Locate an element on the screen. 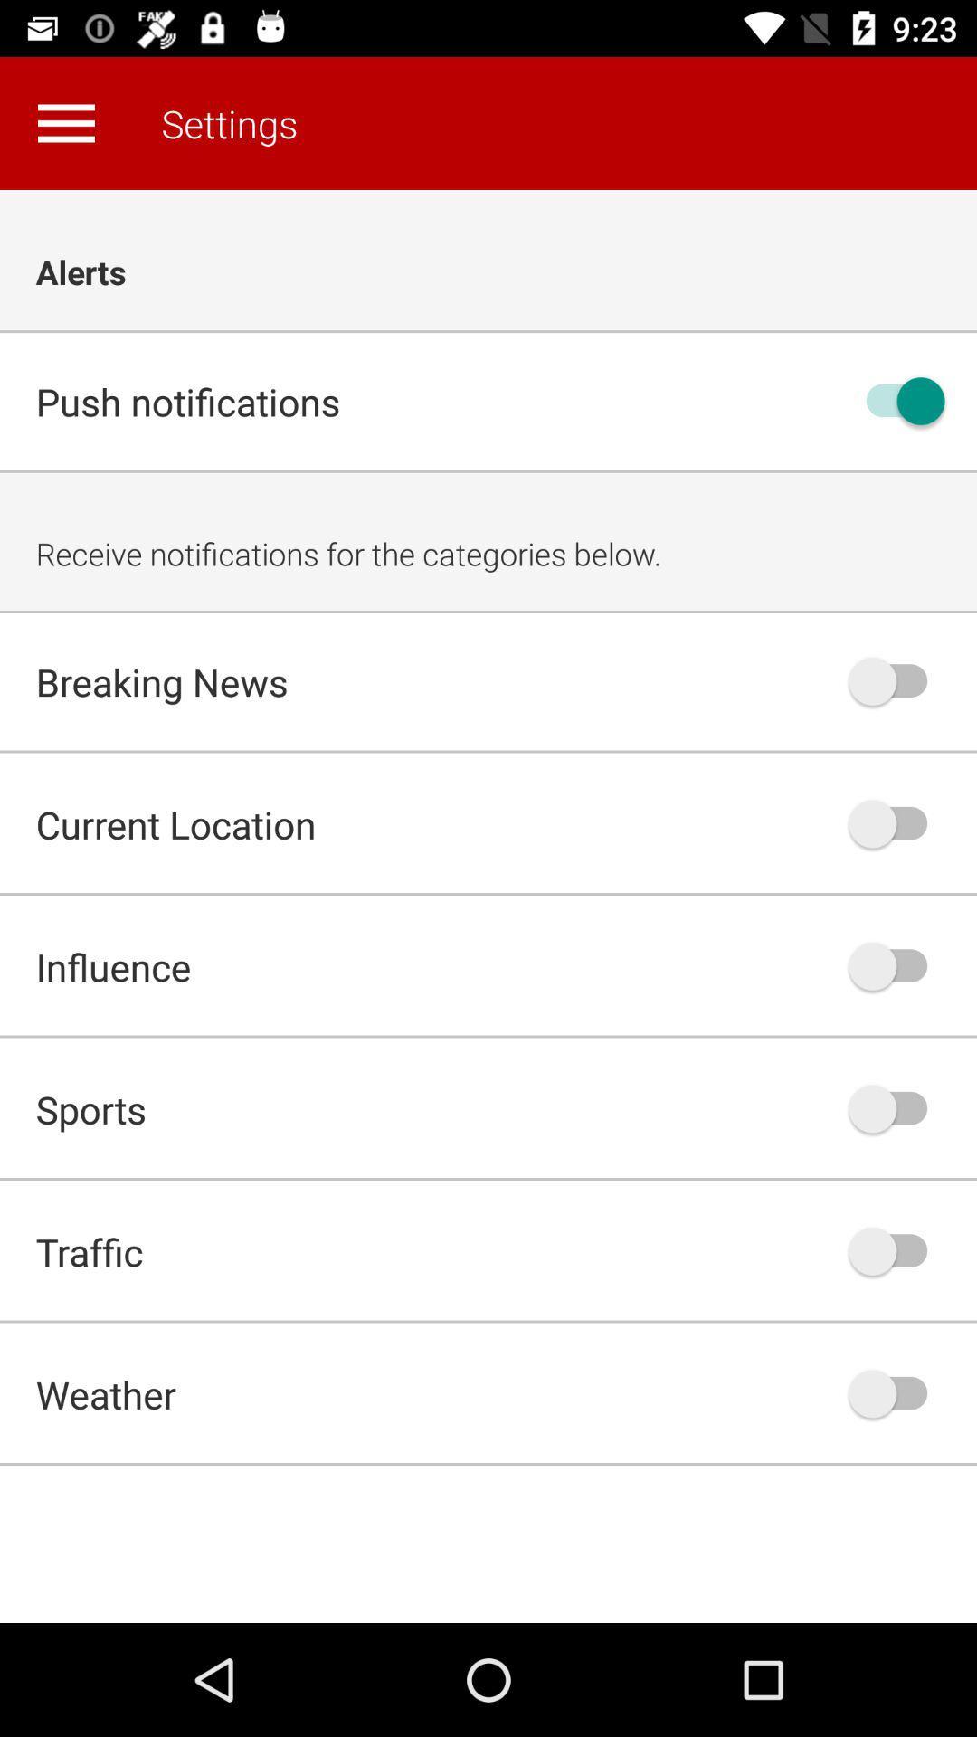 Image resolution: width=977 pixels, height=1737 pixels. activate traffic alerts is located at coordinates (896, 1250).